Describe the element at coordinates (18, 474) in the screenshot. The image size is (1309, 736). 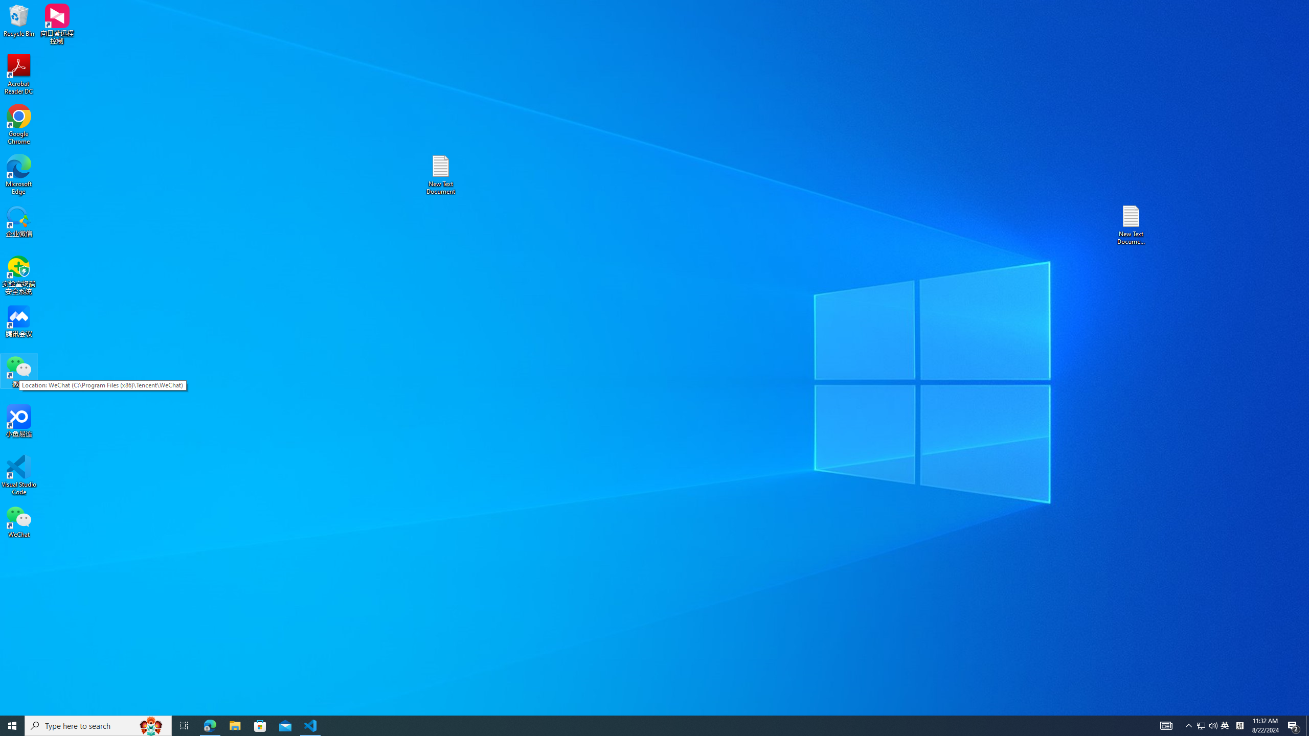
I see `'Visual Studio Code'` at that location.